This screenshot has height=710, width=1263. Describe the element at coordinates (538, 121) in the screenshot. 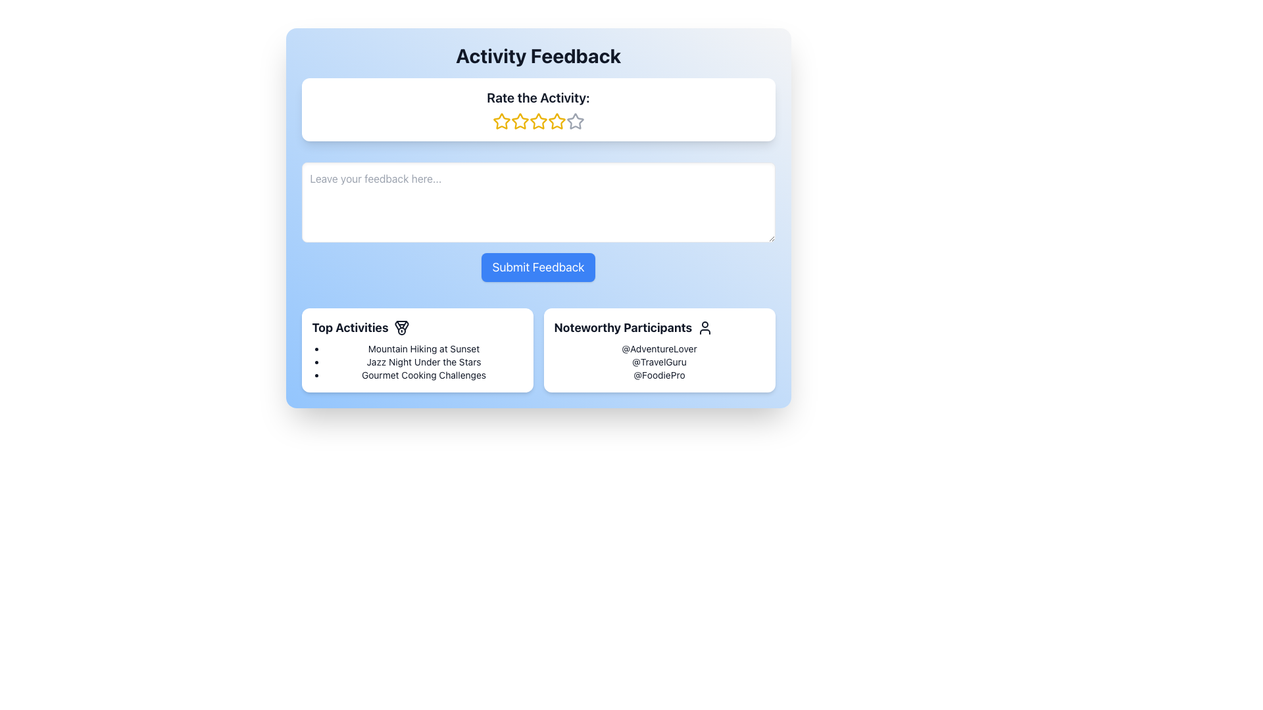

I see `the third star` at that location.